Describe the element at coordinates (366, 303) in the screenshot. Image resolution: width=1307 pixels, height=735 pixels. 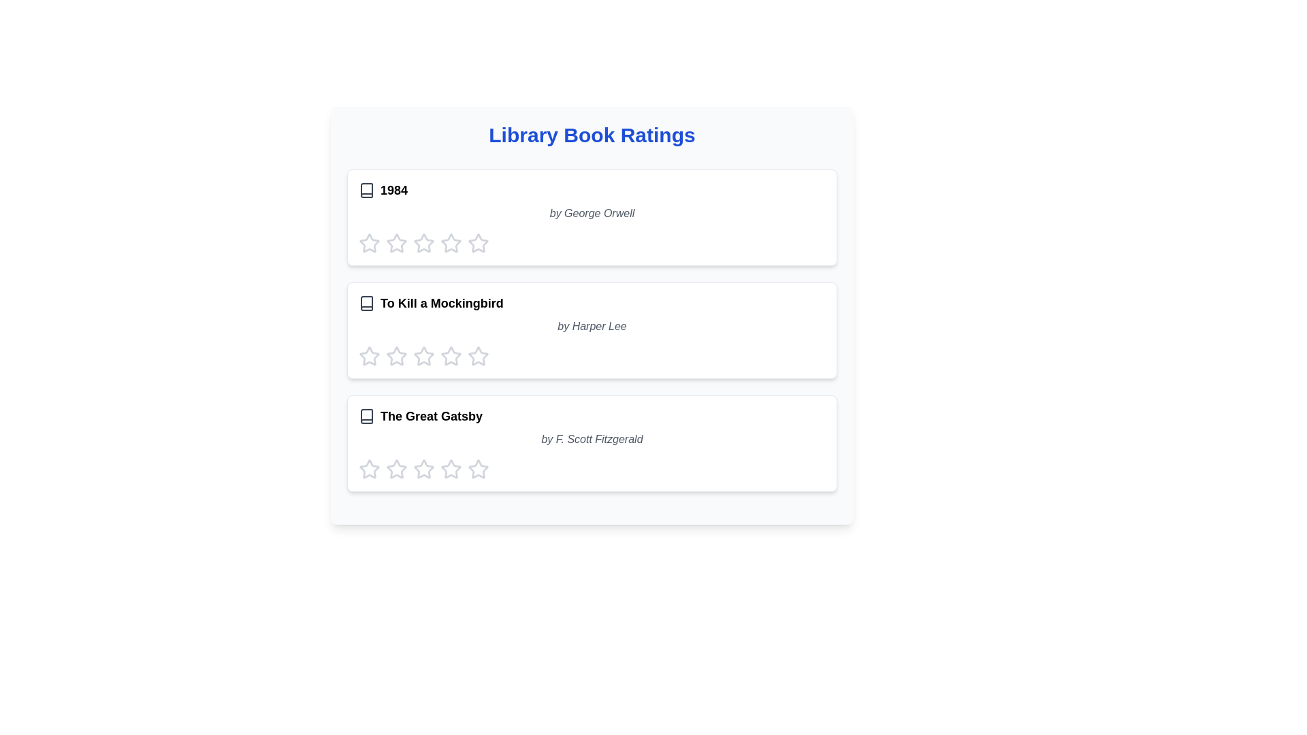
I see `the small book icon with a clear outline, located in the second row next to the text 'To Kill a Mockingbird'` at that location.